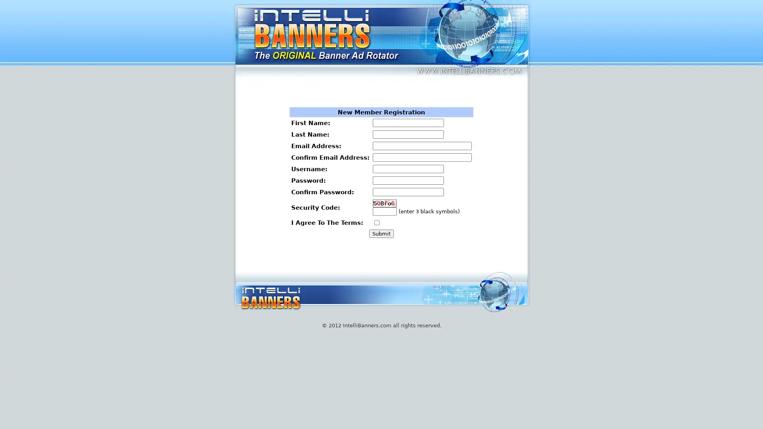 The image size is (763, 429). What do you see at coordinates (381, 233) in the screenshot?
I see `Submit` at bounding box center [381, 233].